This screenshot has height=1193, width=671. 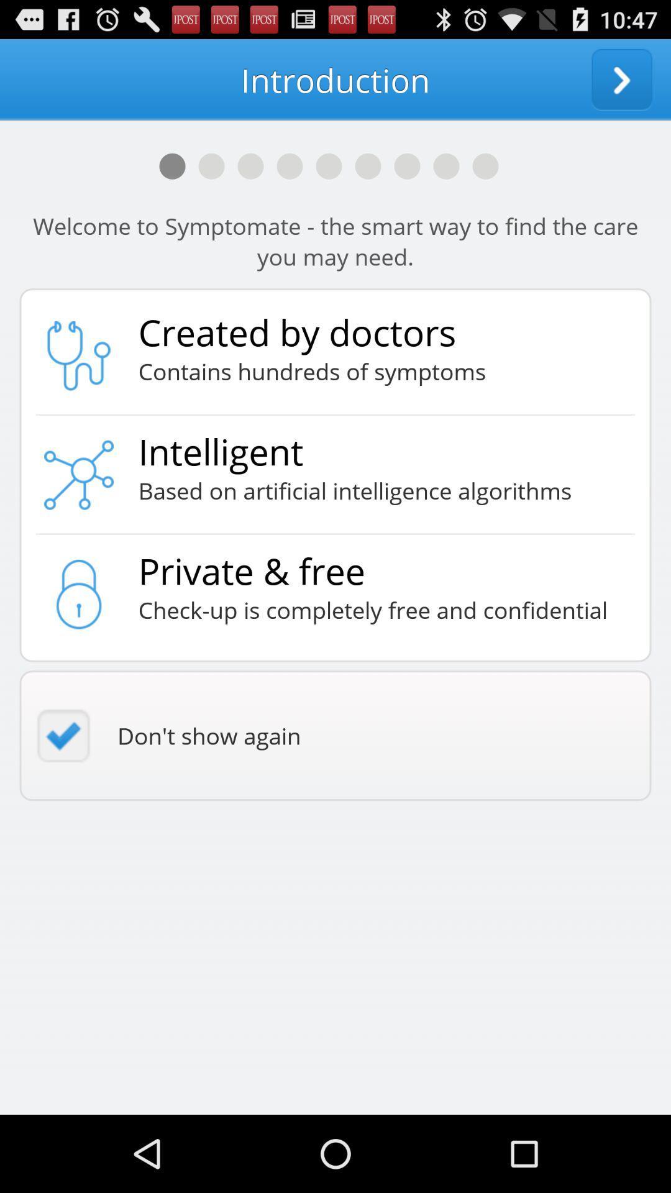 What do you see at coordinates (622, 79) in the screenshot?
I see `next screen` at bounding box center [622, 79].